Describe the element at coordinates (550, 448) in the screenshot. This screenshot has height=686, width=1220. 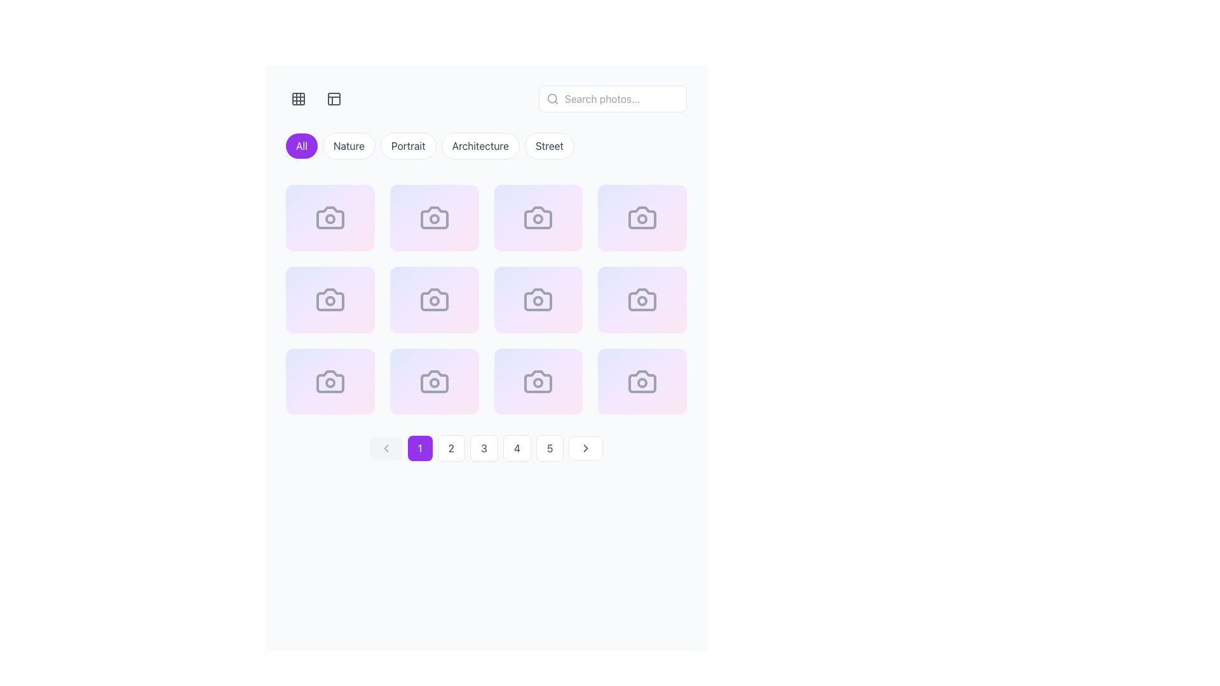
I see `the button displaying the number '5' to observe the hover effect` at that location.